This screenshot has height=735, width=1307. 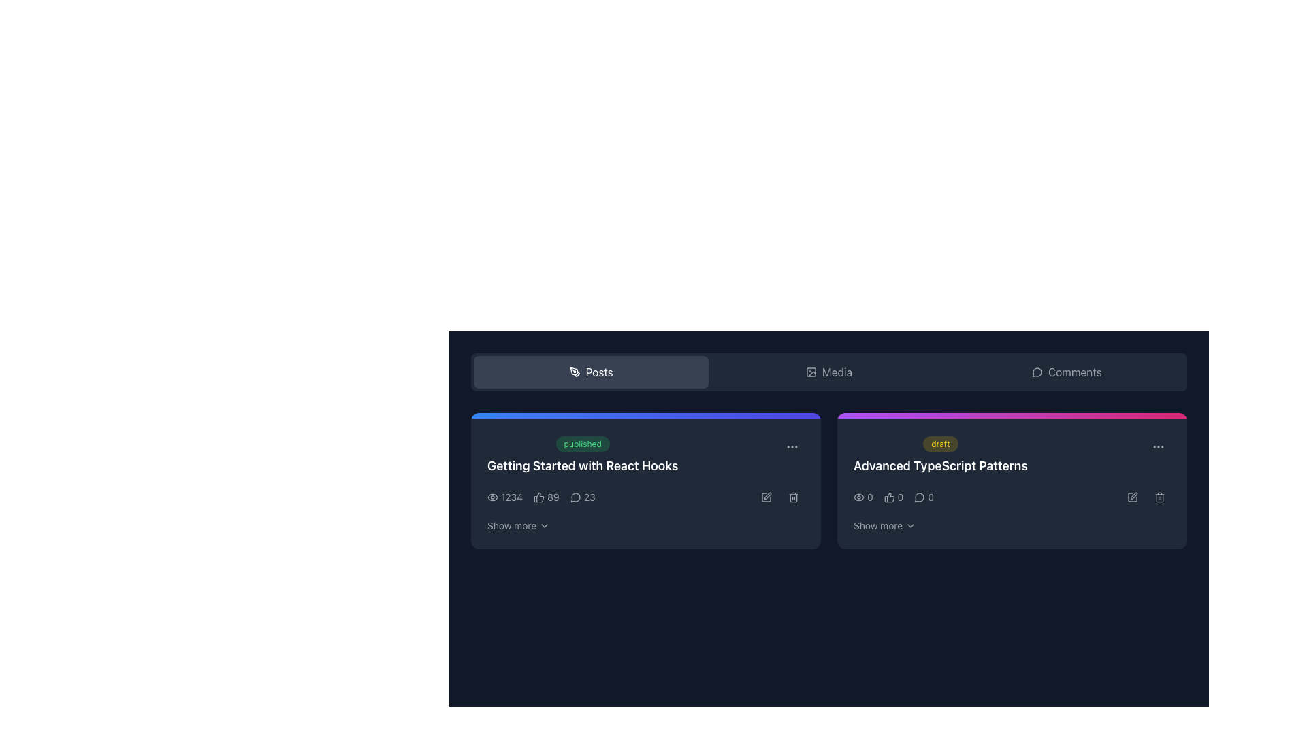 What do you see at coordinates (538, 497) in the screenshot?
I see `the small thumbs-up icon that represents a 'like' action, positioned immediately to the left of the numerical value '89'` at bounding box center [538, 497].